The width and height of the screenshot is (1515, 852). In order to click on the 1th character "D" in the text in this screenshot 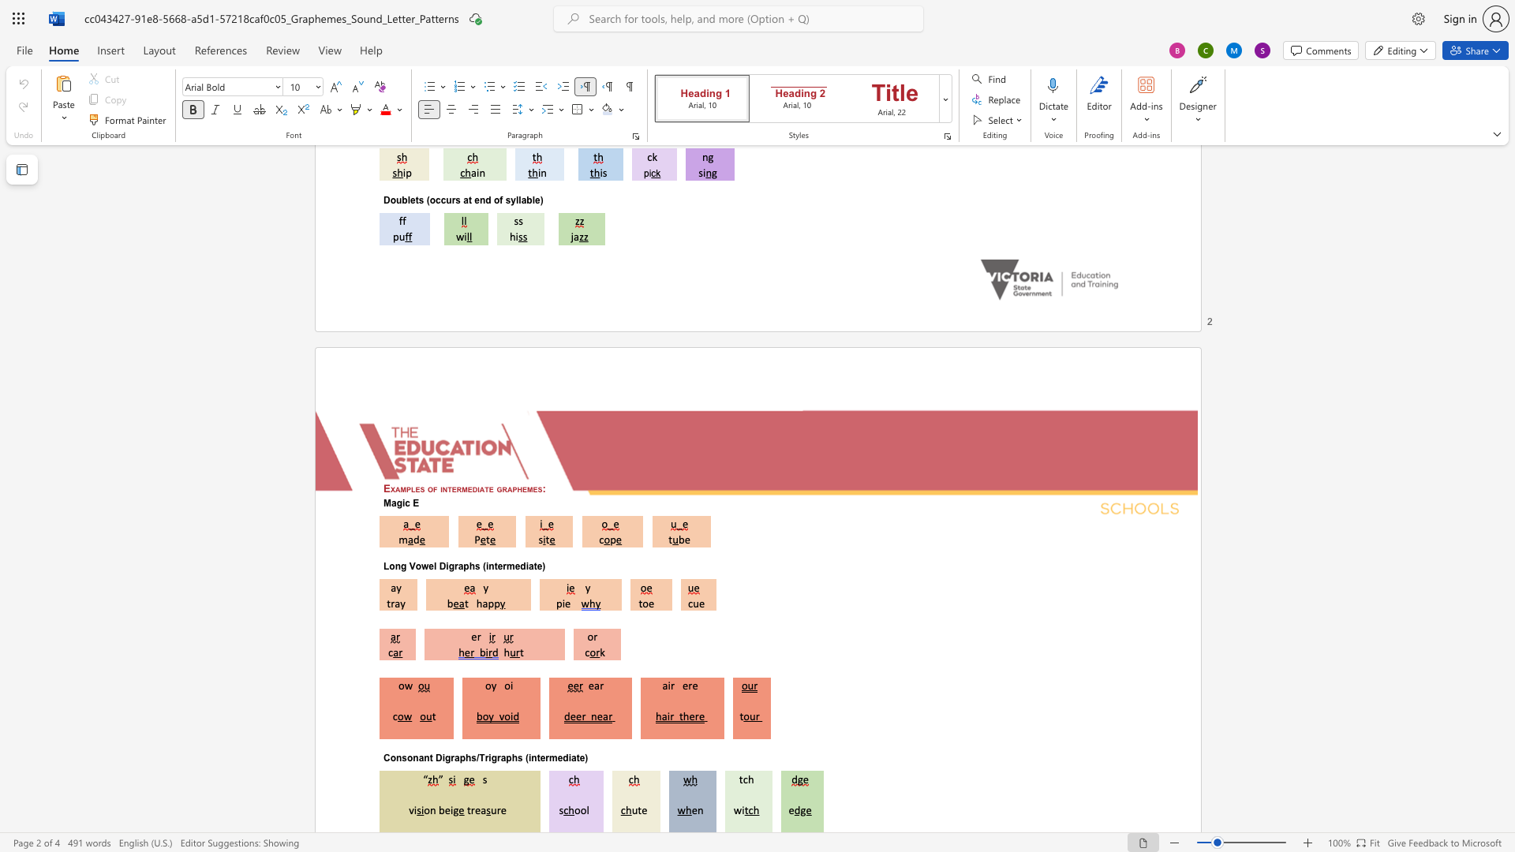, I will do `click(442, 566)`.